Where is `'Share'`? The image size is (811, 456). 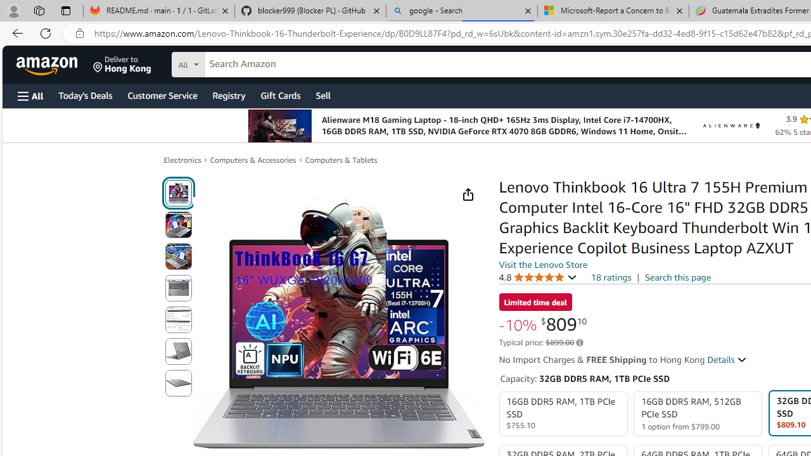
'Share' is located at coordinates (467, 194).